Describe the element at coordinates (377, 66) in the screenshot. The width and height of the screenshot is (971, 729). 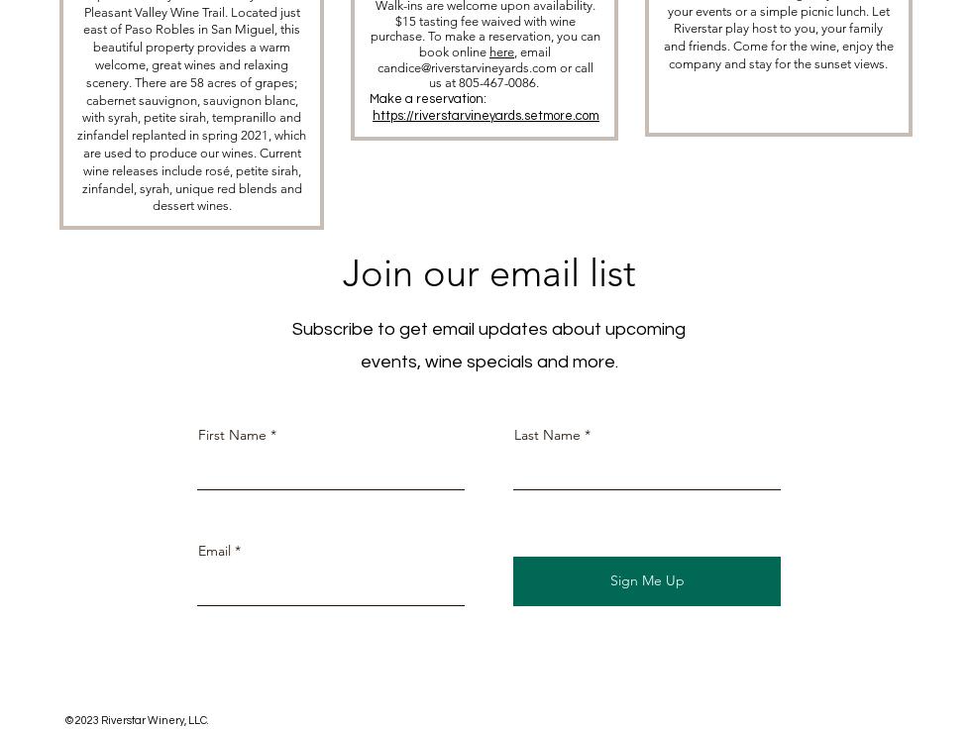
I see `'candice@riverstarvineyards.com'` at that location.